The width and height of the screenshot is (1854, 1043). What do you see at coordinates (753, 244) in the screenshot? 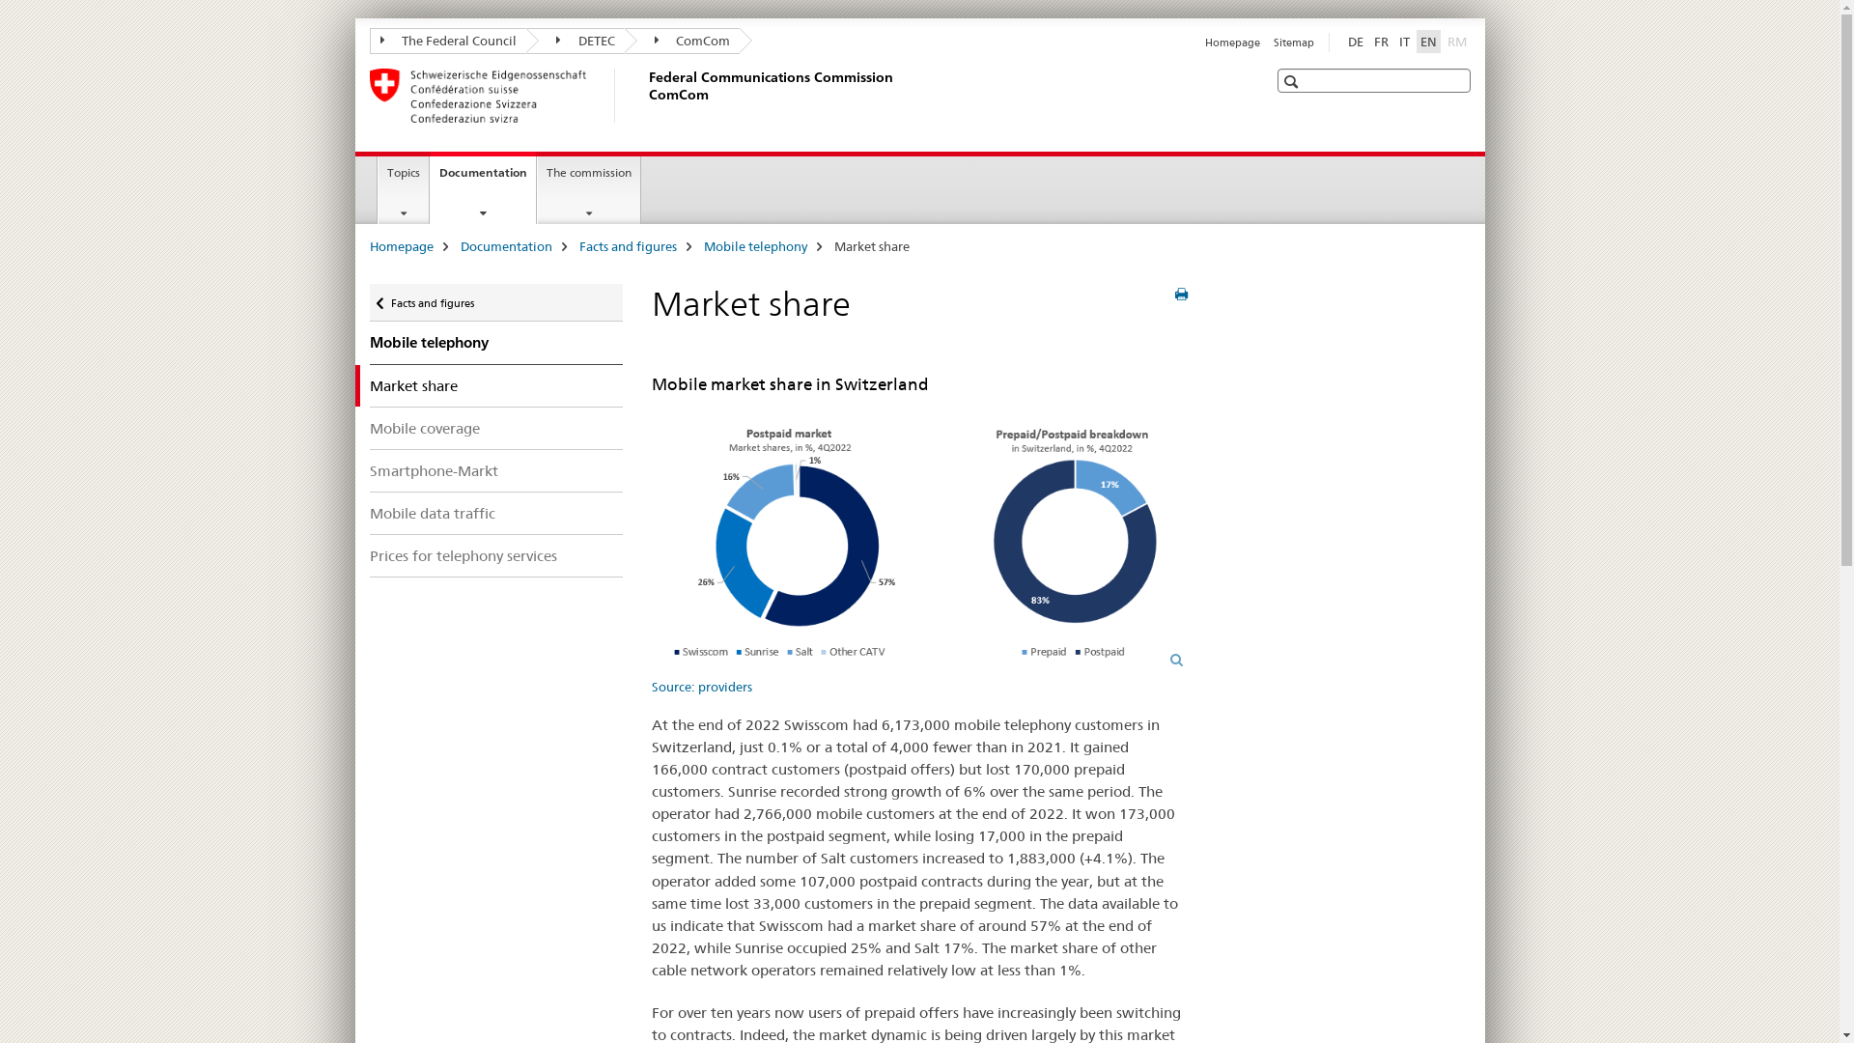
I see `'Mobile telephony'` at bounding box center [753, 244].